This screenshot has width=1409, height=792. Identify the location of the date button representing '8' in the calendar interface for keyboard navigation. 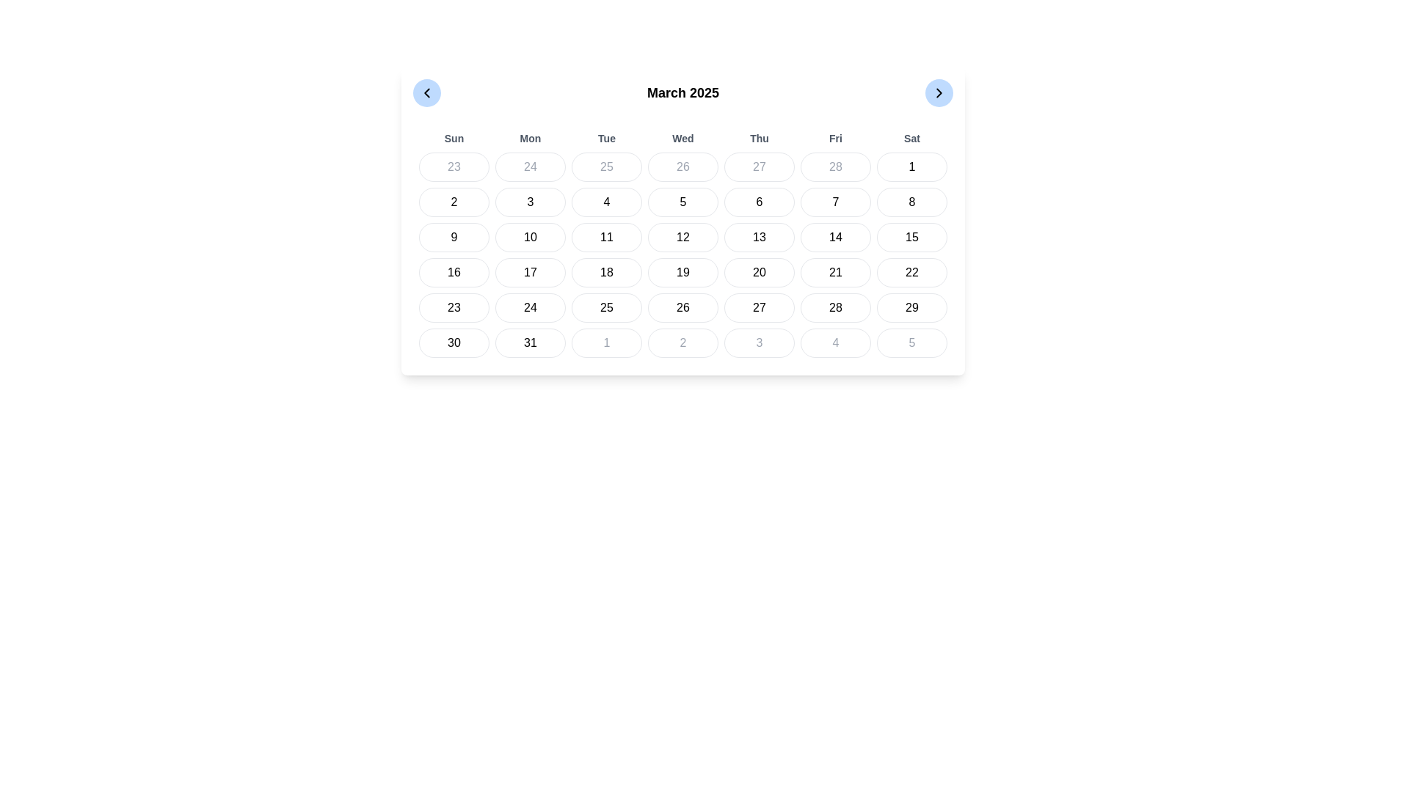
(911, 202).